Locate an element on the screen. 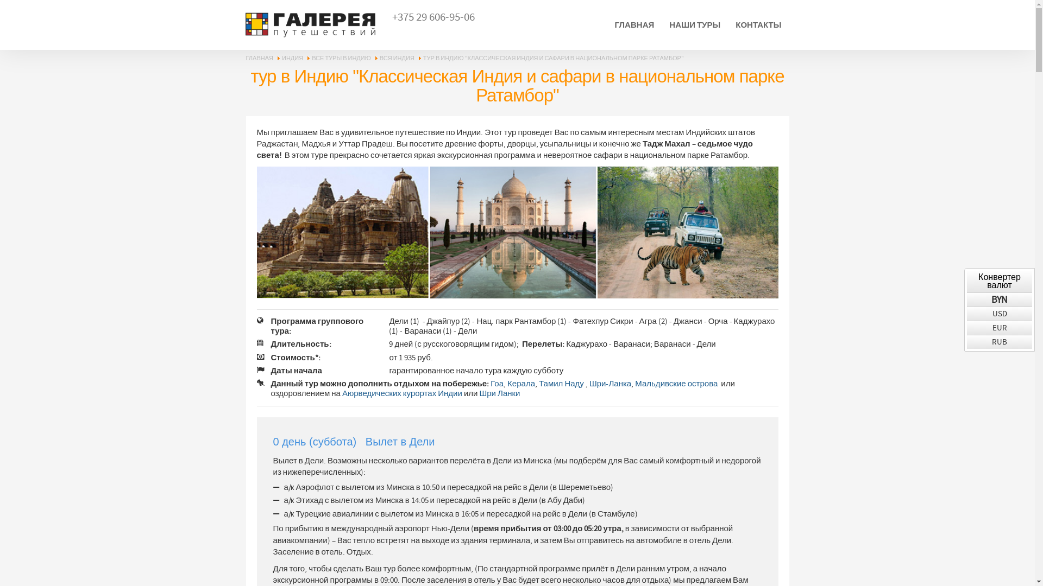  'USD' is located at coordinates (999, 314).